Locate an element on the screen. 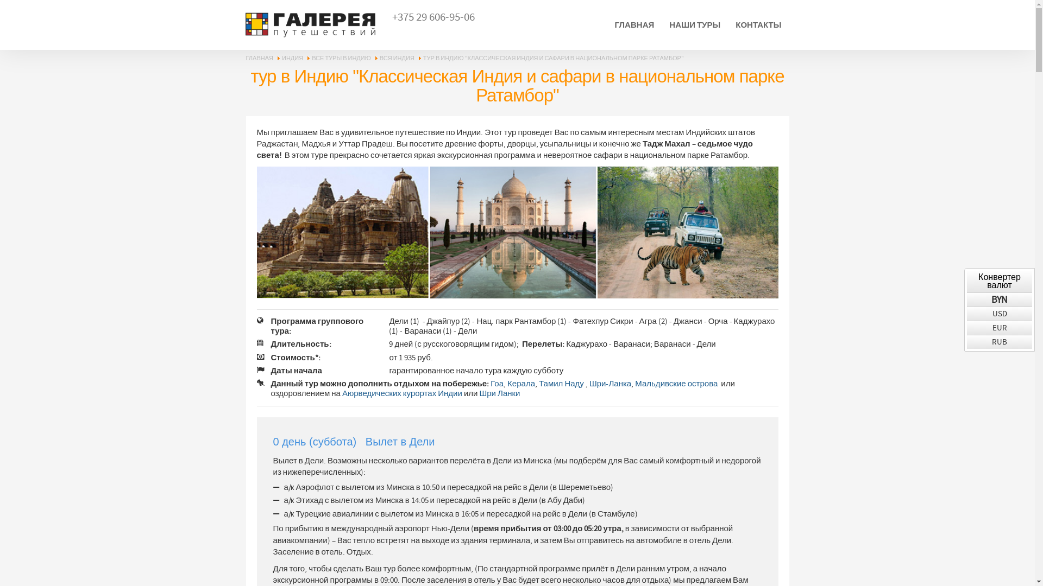  'USD' is located at coordinates (999, 314).